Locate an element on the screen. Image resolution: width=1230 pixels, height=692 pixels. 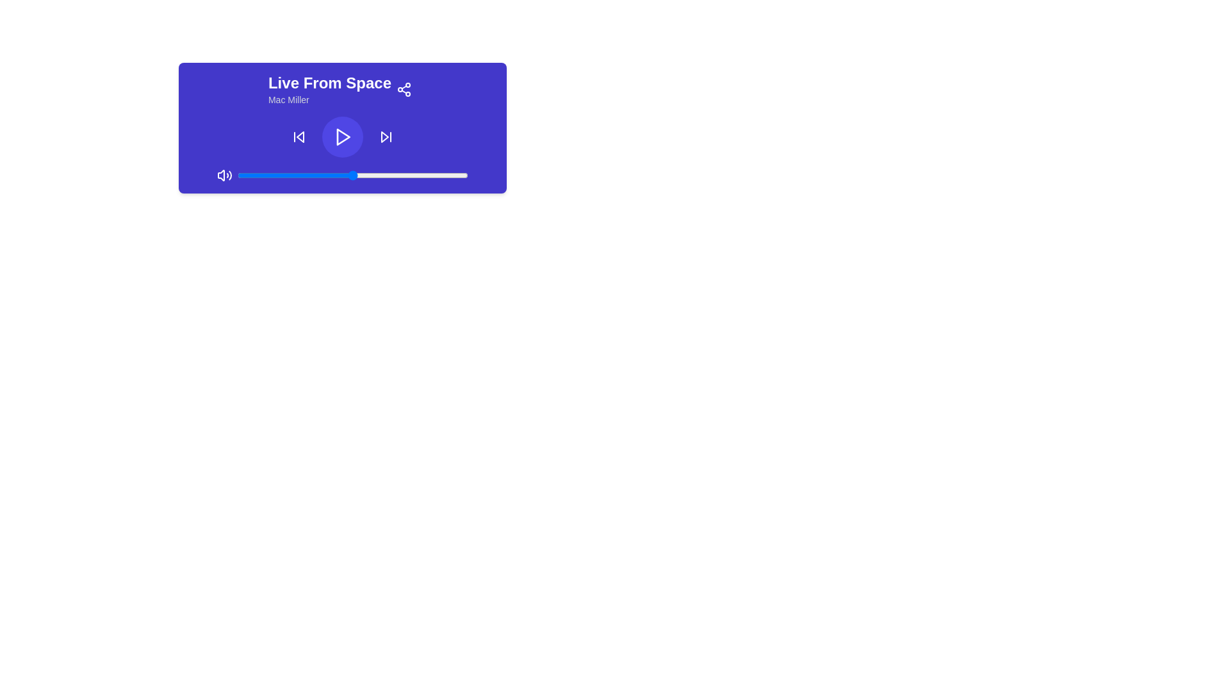
the right-pointing triangular play button icon located at the center of the circular button in the music player interface to play the media is located at coordinates (343, 136).